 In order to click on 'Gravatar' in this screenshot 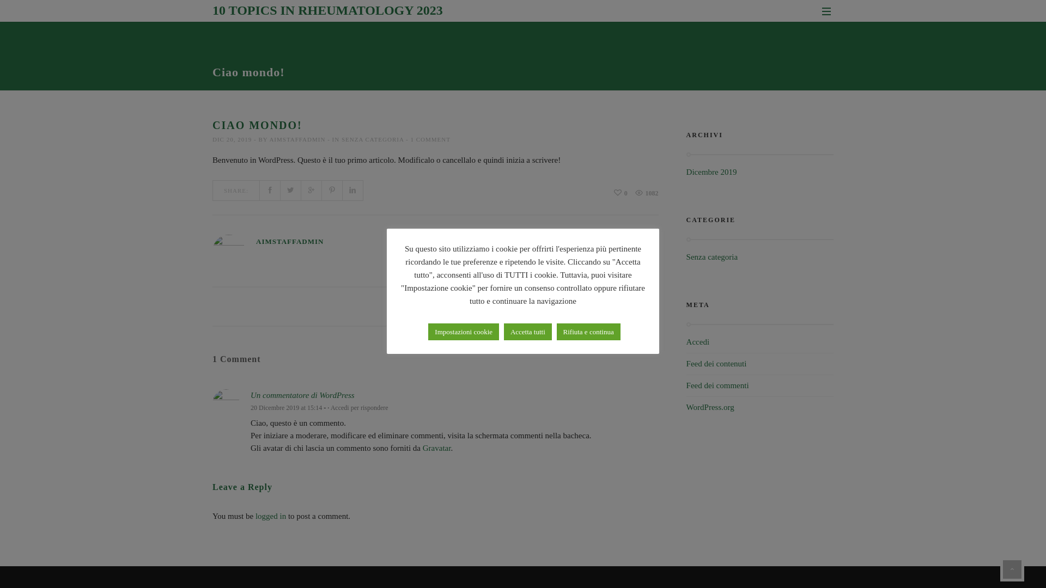, I will do `click(436, 448)`.